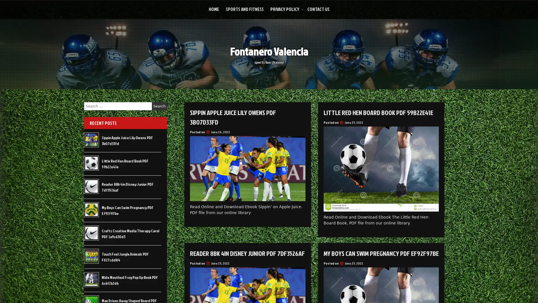 The image size is (538, 303). What do you see at coordinates (159, 106) in the screenshot?
I see `Search` at bounding box center [159, 106].